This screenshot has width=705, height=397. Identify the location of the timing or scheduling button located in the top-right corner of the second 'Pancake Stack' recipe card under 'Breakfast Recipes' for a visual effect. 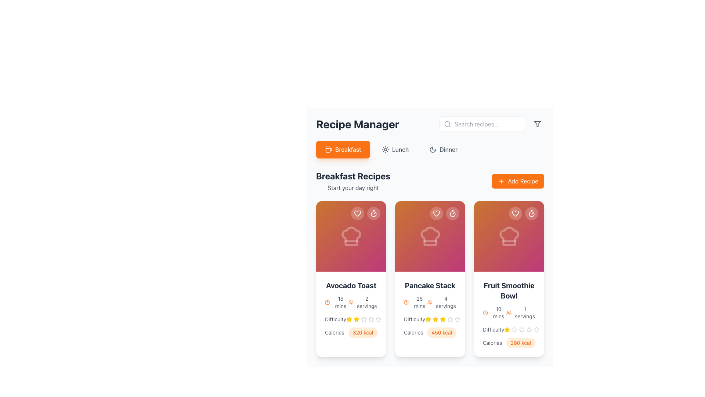
(452, 214).